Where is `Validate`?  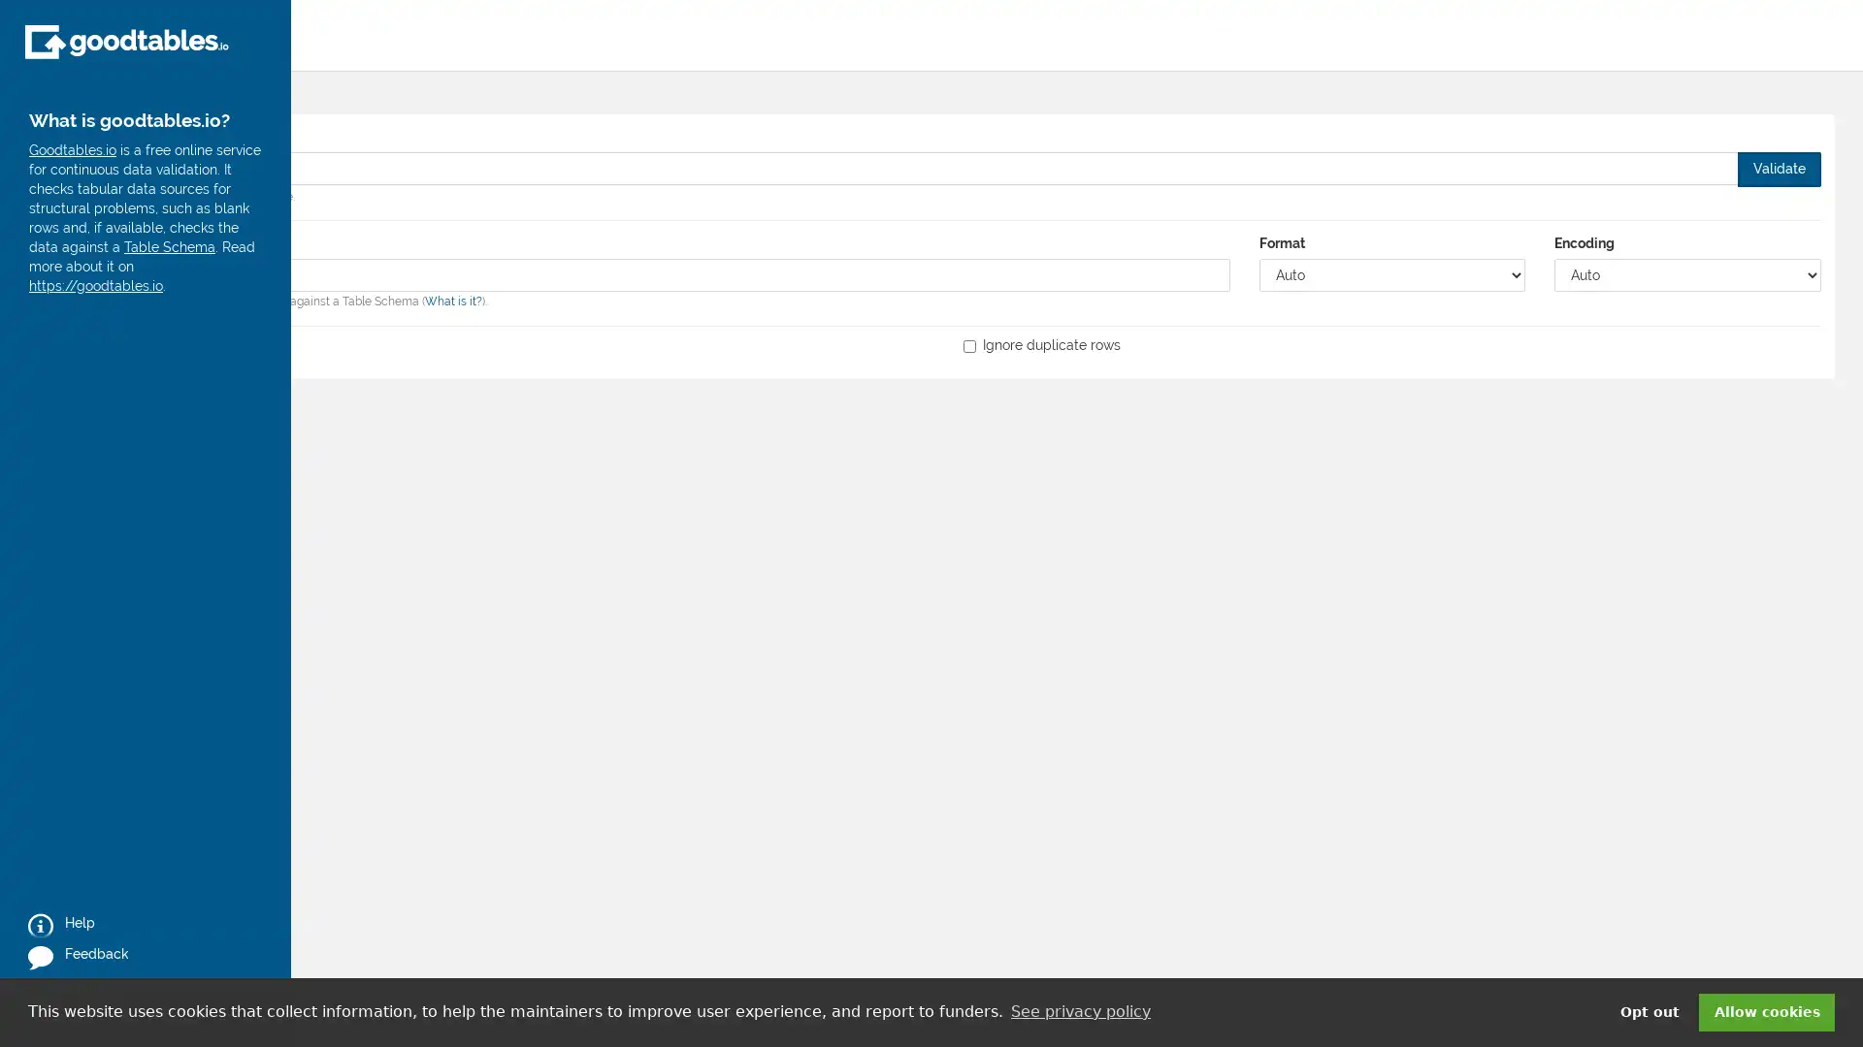 Validate is located at coordinates (1779, 167).